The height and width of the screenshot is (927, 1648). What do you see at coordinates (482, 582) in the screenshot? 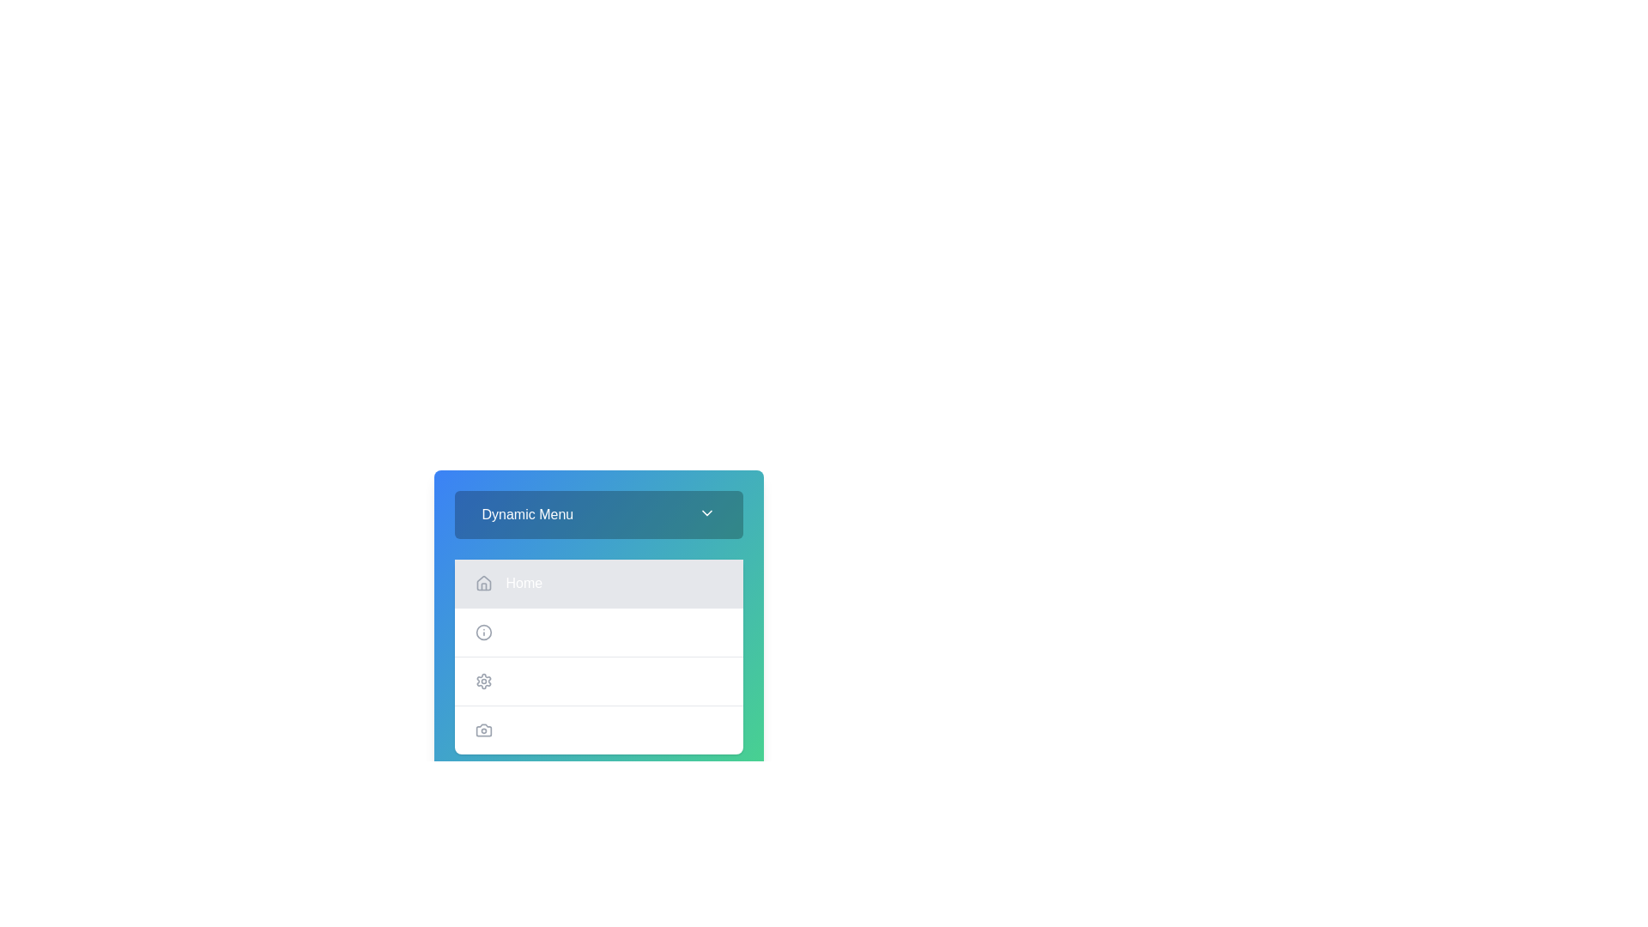
I see `the house icon in the menu, which is styled in a simple linear design and has a gray tone, located to the left of the 'Home' text label` at bounding box center [482, 582].